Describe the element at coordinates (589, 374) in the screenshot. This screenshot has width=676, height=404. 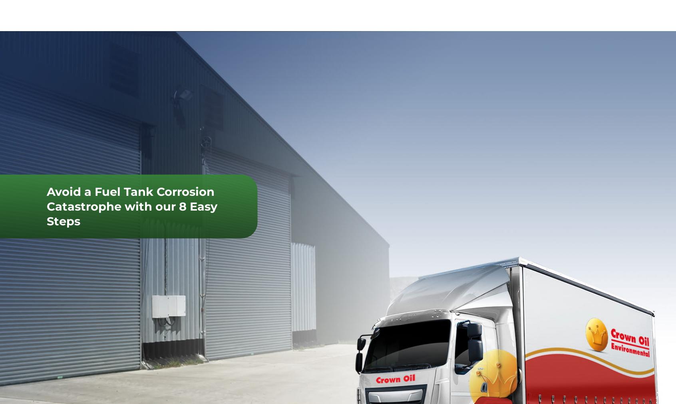
I see `'Service you're enquiring about:'` at that location.